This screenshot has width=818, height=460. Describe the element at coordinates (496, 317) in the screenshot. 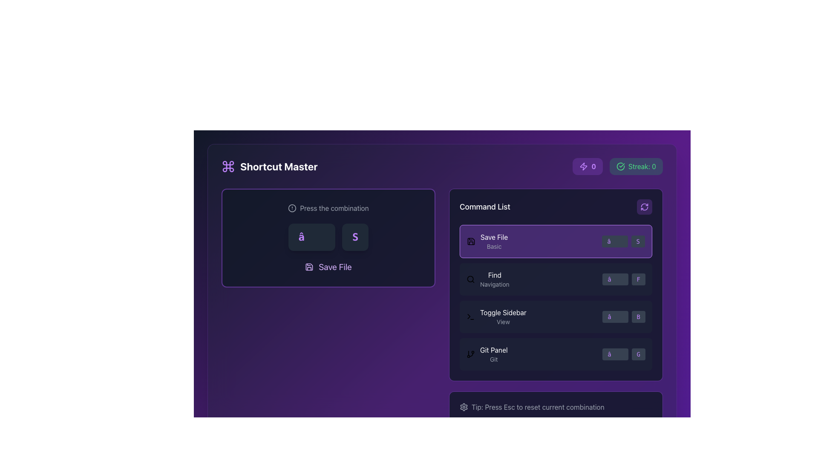

I see `the interactive button in the 'Command List' section that toggles the visibility of the sidebar` at that location.